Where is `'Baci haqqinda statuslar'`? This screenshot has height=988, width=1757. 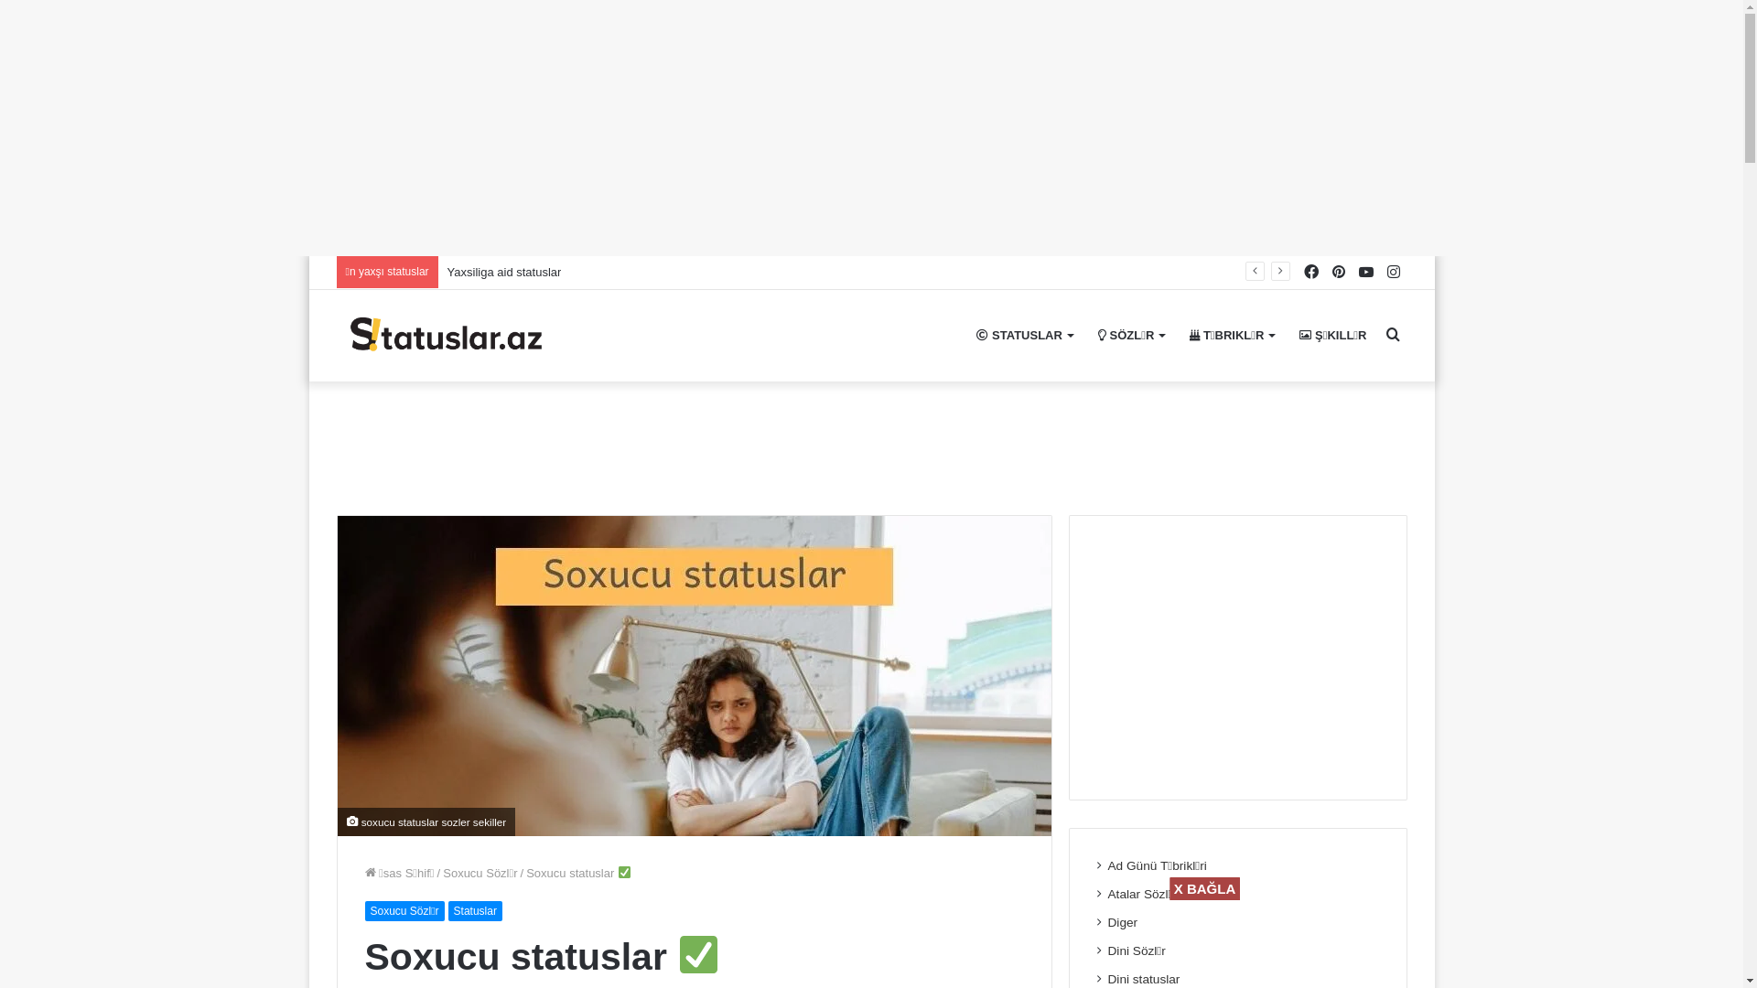
'Baci haqqinda statuslar' is located at coordinates (509, 272).